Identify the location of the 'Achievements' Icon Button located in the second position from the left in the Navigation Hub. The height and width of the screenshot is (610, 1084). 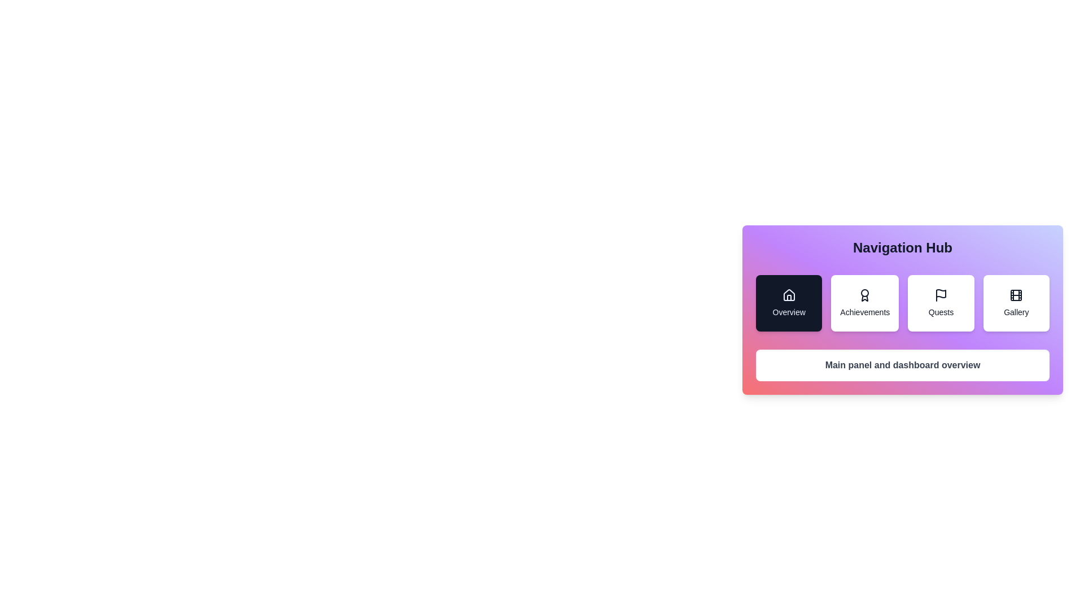
(864, 295).